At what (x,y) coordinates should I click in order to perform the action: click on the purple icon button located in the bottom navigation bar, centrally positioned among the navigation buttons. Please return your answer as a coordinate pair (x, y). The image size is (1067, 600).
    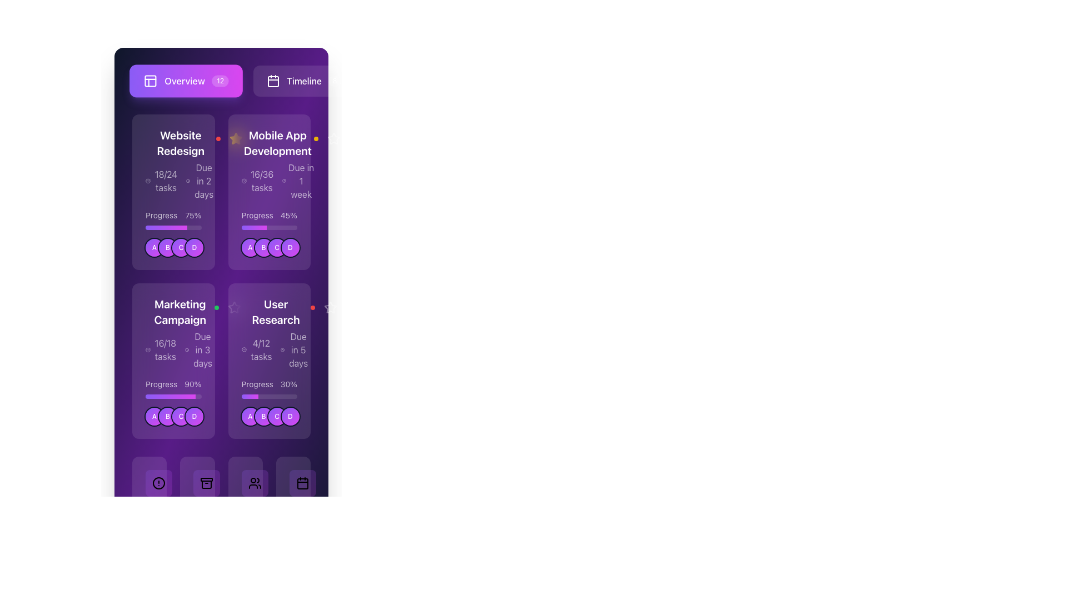
    Looking at the image, I should click on (197, 483).